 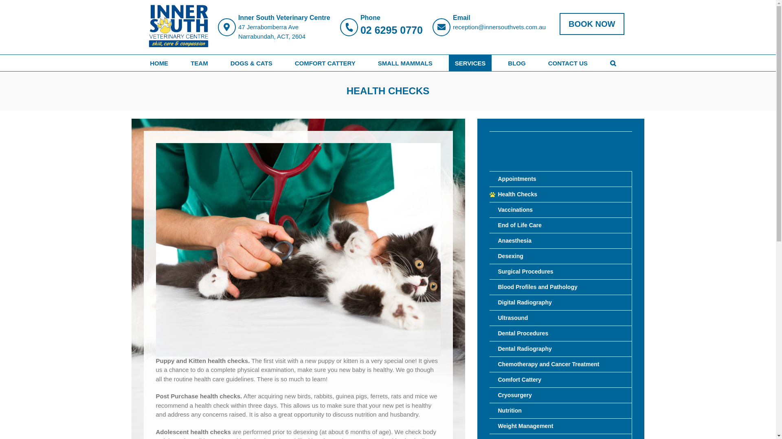 I want to click on 'Blood Profiles and Pathology', so click(x=560, y=287).